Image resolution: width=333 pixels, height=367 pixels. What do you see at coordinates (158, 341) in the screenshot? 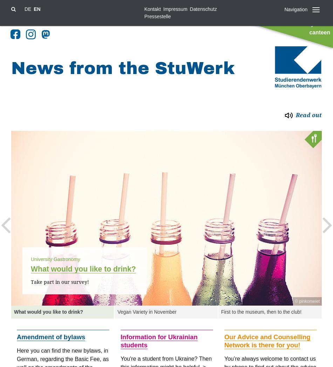
I see `'Information for Ukrainian students'` at bounding box center [158, 341].